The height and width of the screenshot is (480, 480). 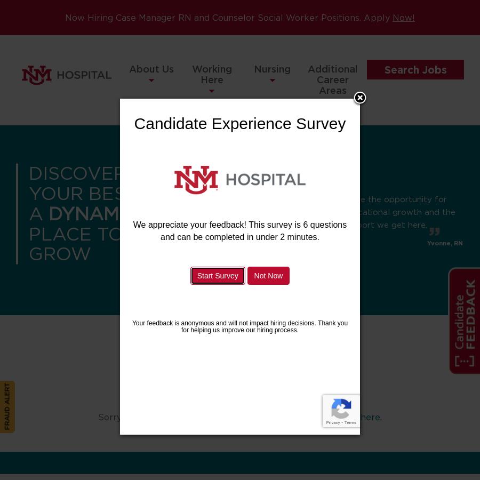 I want to click on 'Advanced Practice Careers', so click(x=332, y=150).